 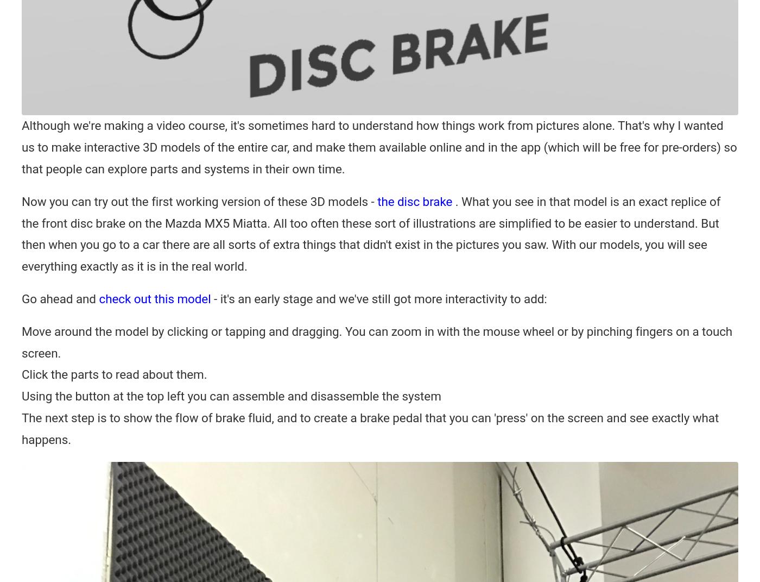 I want to click on 'Click the parts to read about them.', so click(x=22, y=373).